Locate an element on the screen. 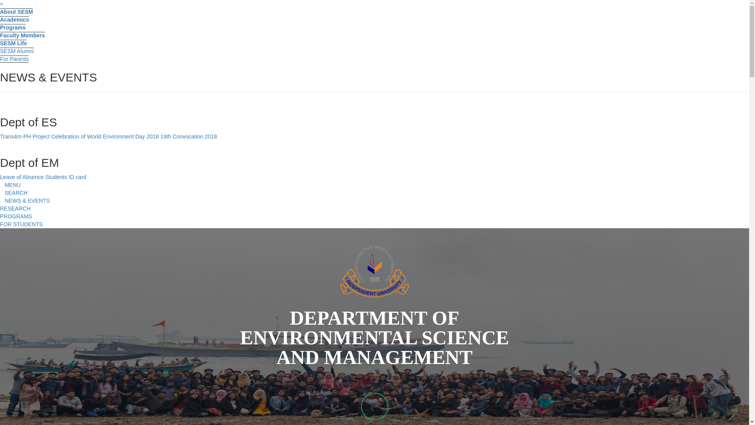 The height and width of the screenshot is (425, 755). '   MENU' is located at coordinates (374, 185).